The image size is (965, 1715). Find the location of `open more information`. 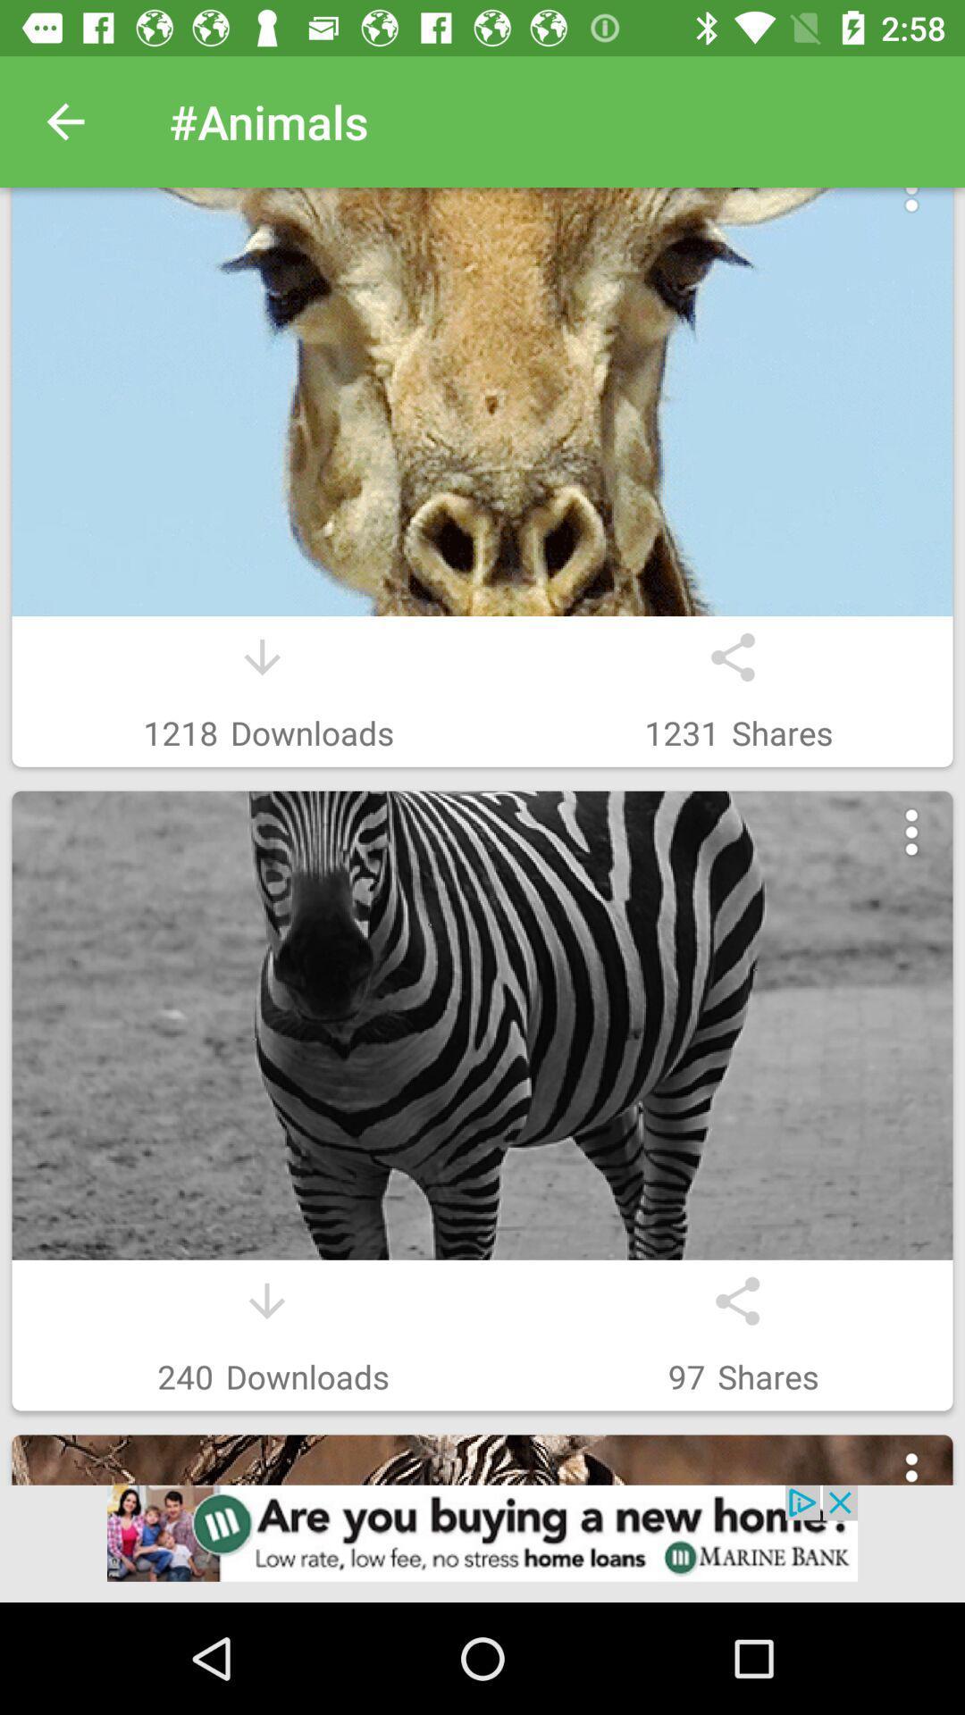

open more information is located at coordinates (911, 1476).